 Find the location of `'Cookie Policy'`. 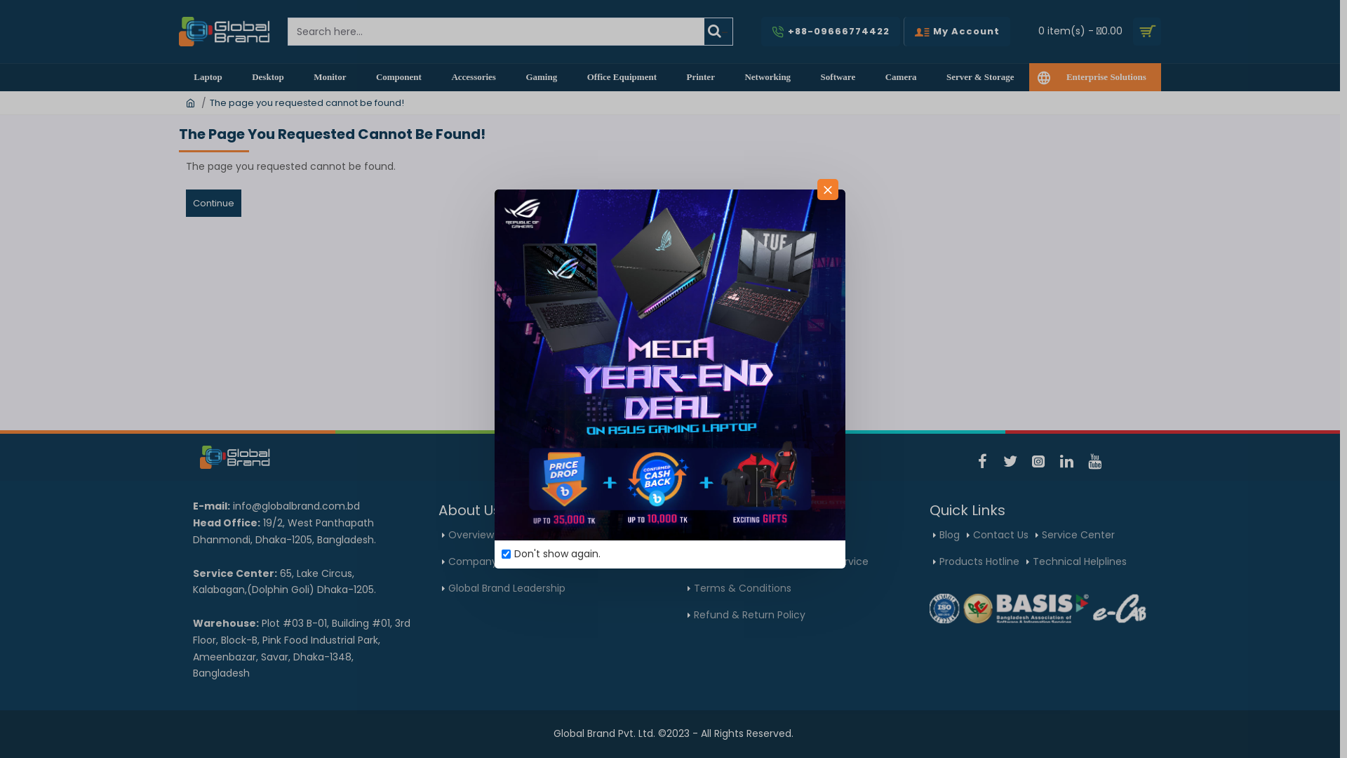

'Cookie Policy' is located at coordinates (723, 536).